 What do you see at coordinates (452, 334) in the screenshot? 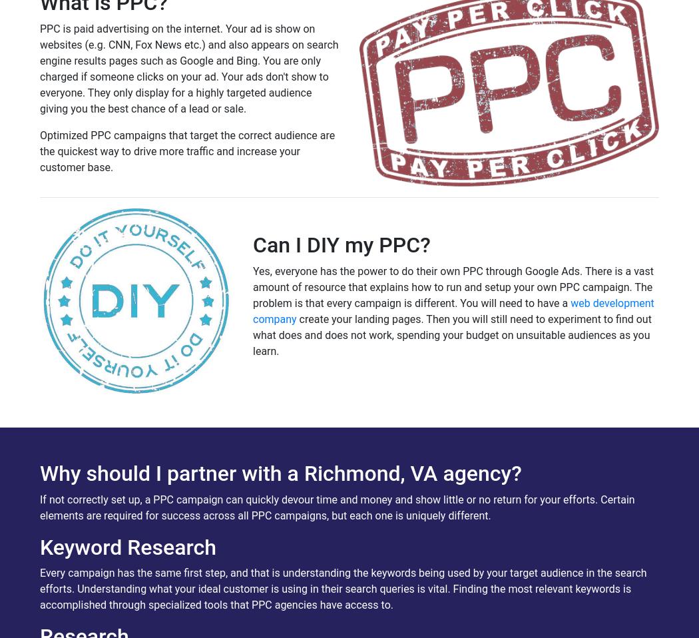
I see `'create your landing pages. Then you will still need to experiment to find out what does and does not work, spending your budget on unsuitable audiences as you learn.'` at bounding box center [452, 334].